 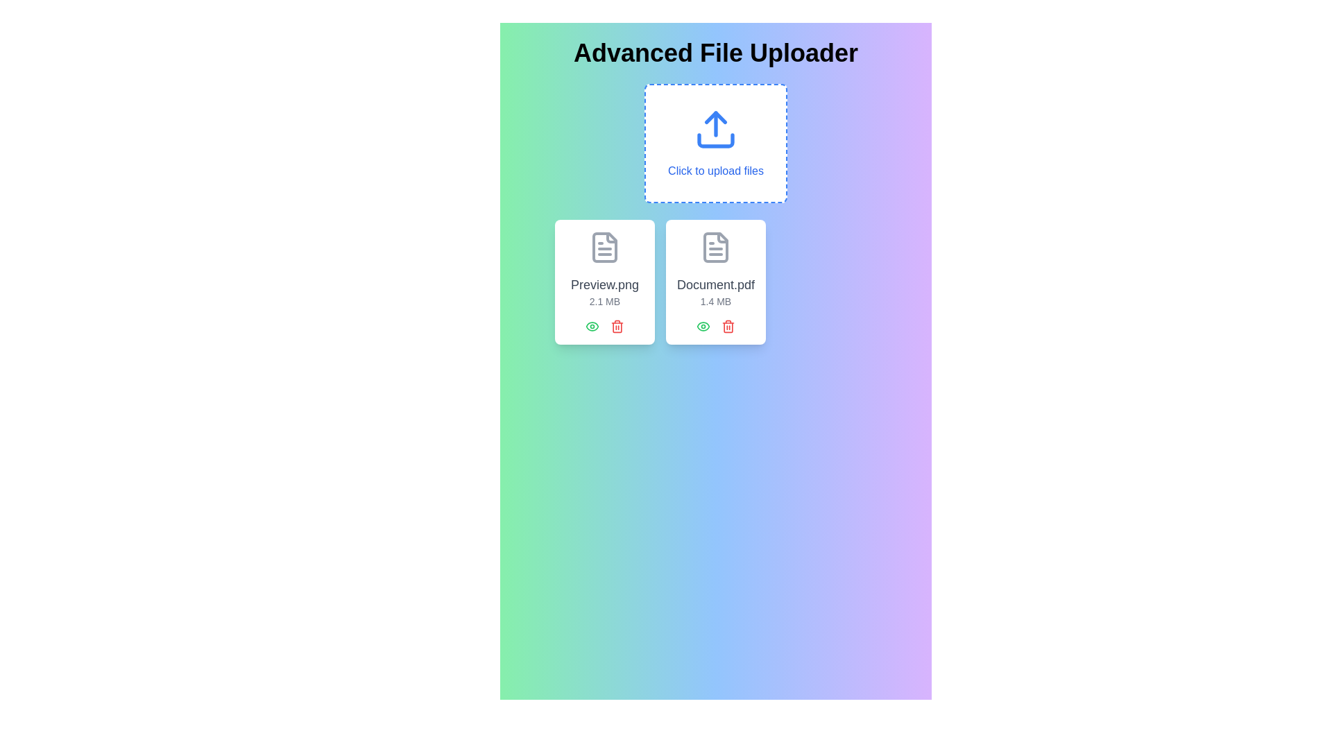 I want to click on the preview or visibility toggle icon located at the bottom-left of the rectangular card containing a file's details, so click(x=703, y=326).